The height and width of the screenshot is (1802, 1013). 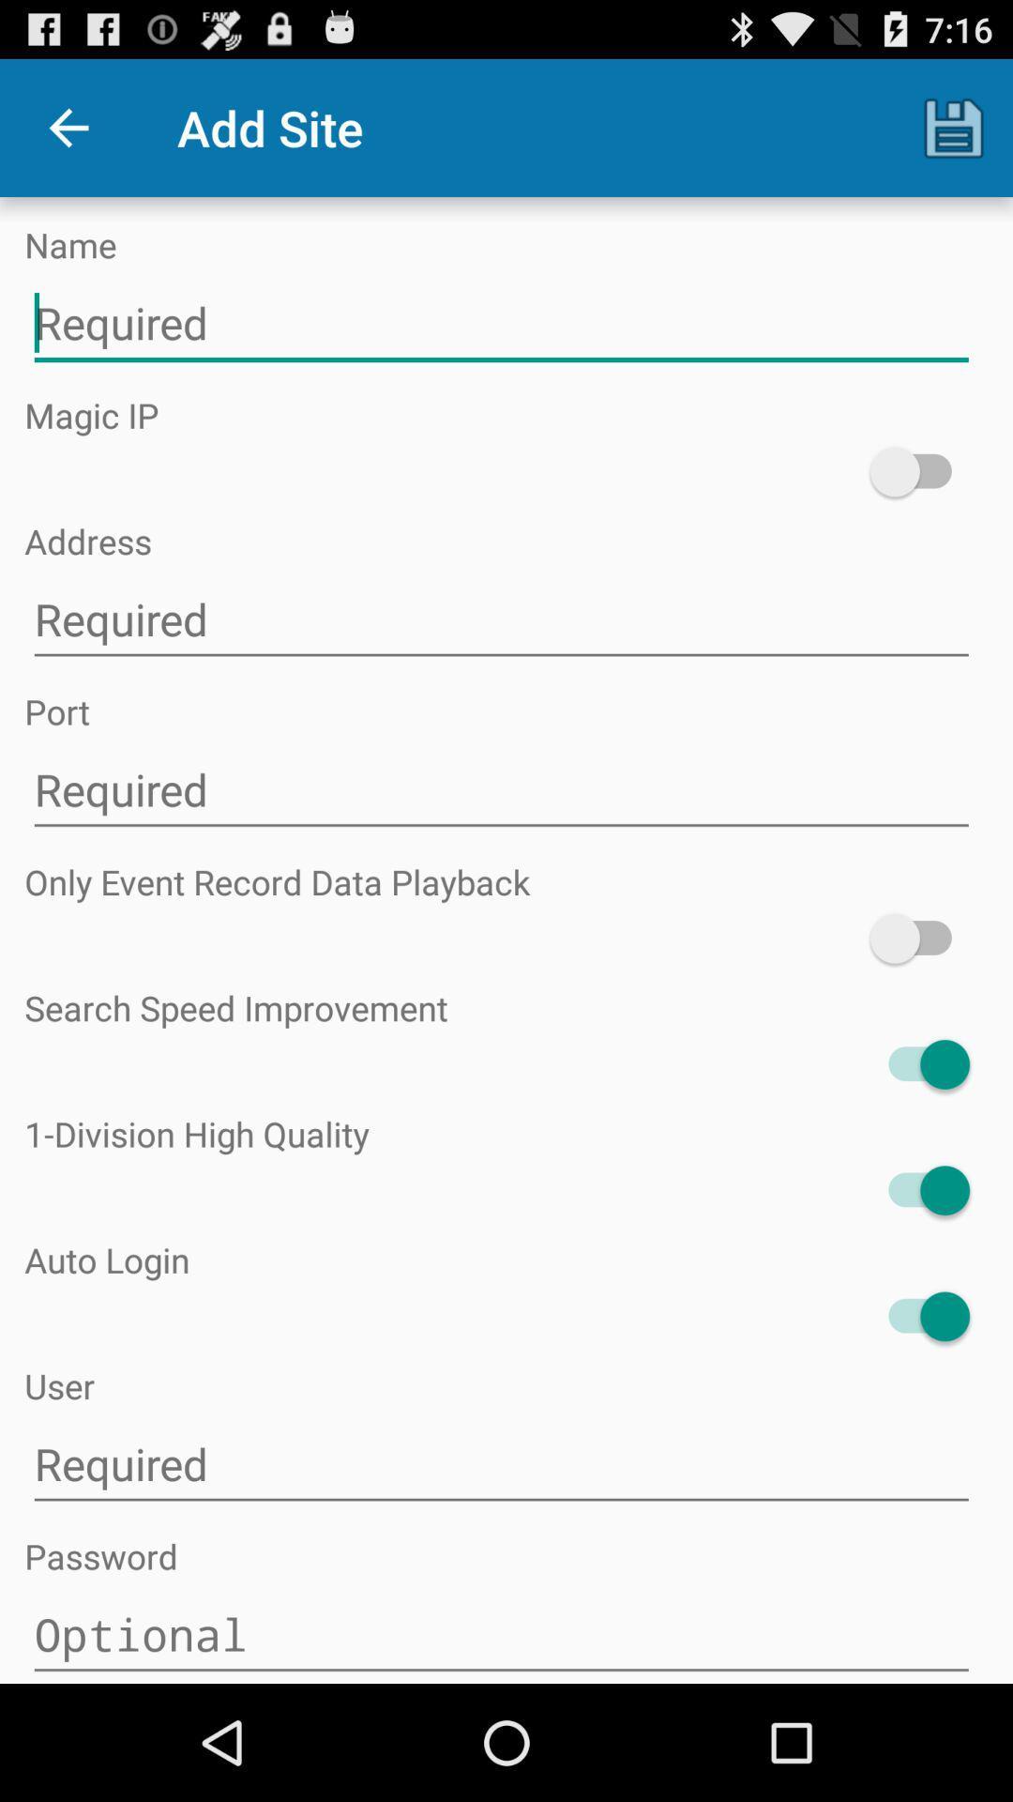 I want to click on type name, so click(x=500, y=324).